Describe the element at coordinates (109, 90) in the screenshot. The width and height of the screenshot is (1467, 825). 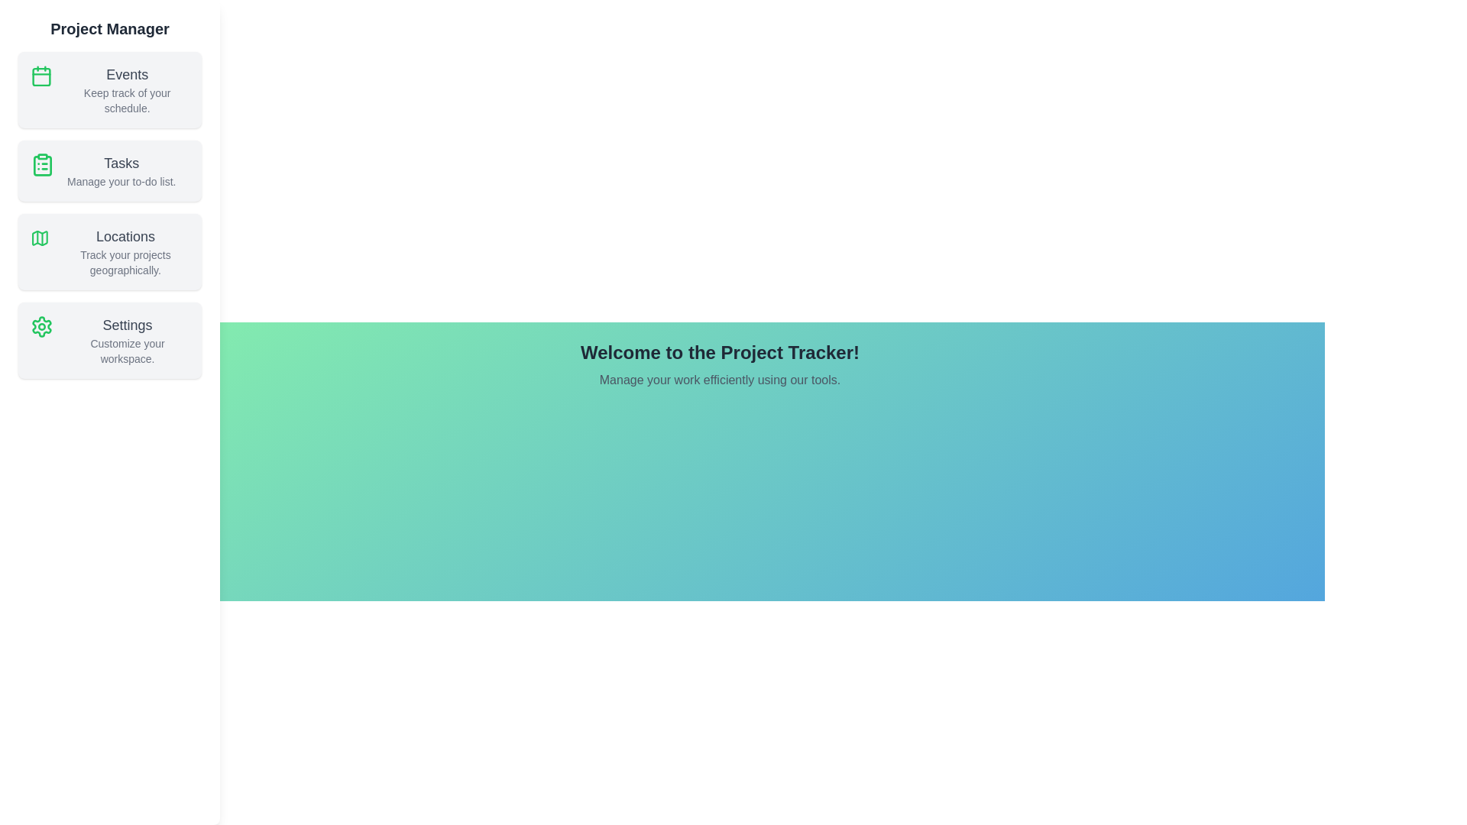
I see `the 'Events' section in the sidebar` at that location.